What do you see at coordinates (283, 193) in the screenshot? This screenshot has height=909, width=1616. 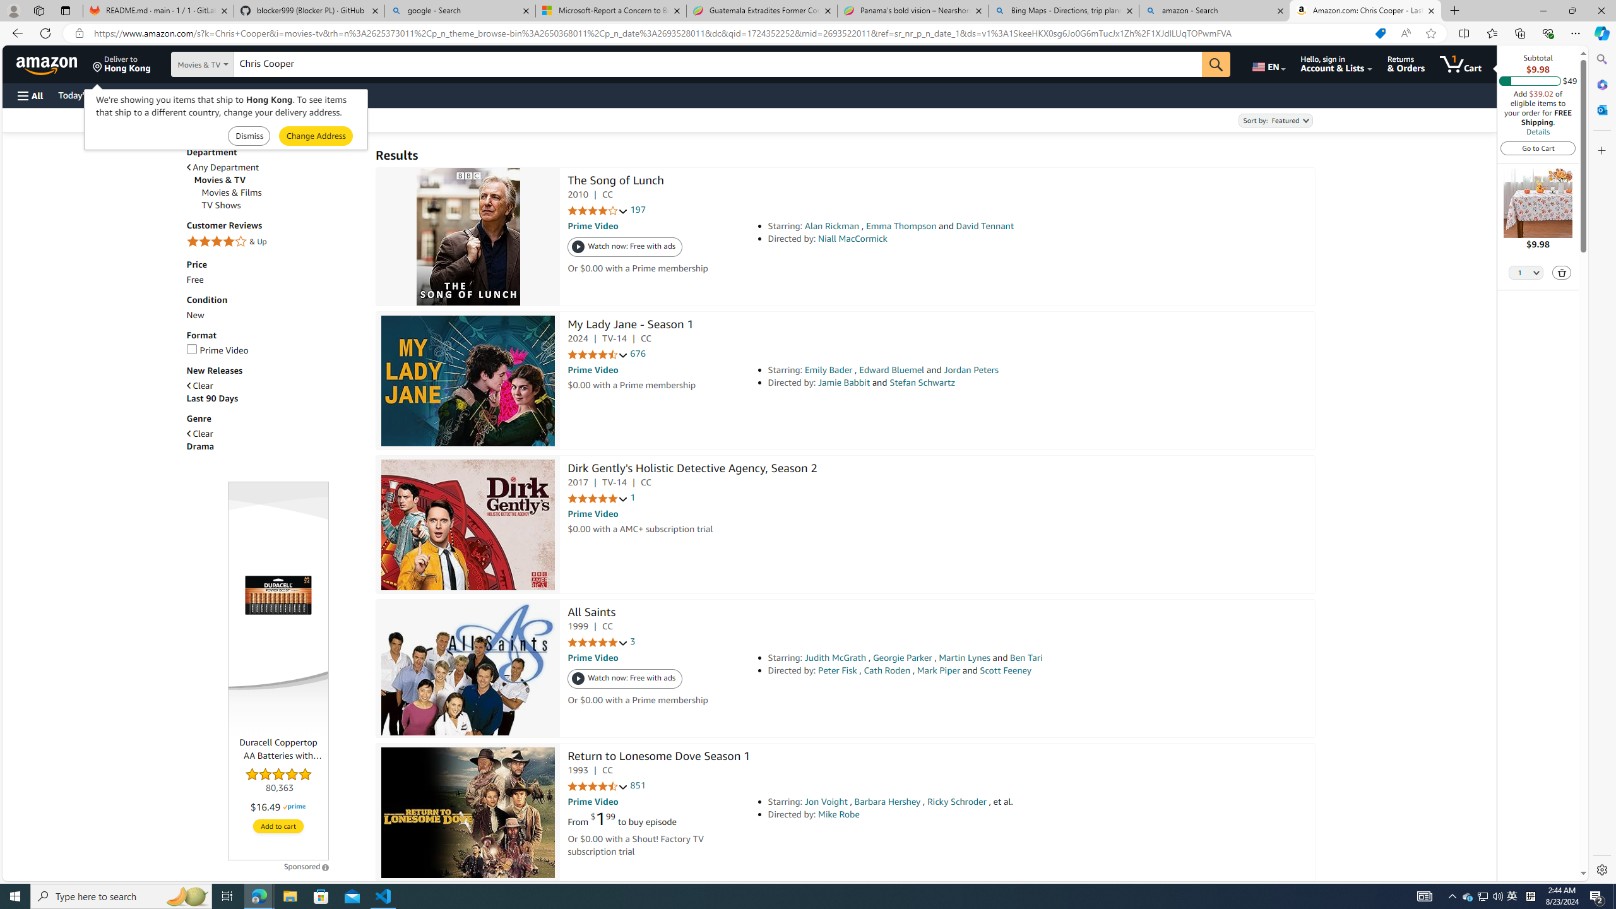 I see `'Movies & Films'` at bounding box center [283, 193].